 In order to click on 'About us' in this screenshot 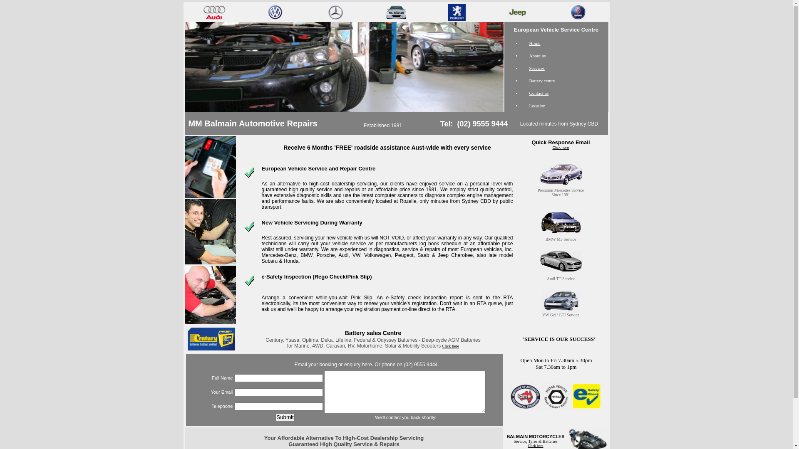, I will do `click(537, 56)`.